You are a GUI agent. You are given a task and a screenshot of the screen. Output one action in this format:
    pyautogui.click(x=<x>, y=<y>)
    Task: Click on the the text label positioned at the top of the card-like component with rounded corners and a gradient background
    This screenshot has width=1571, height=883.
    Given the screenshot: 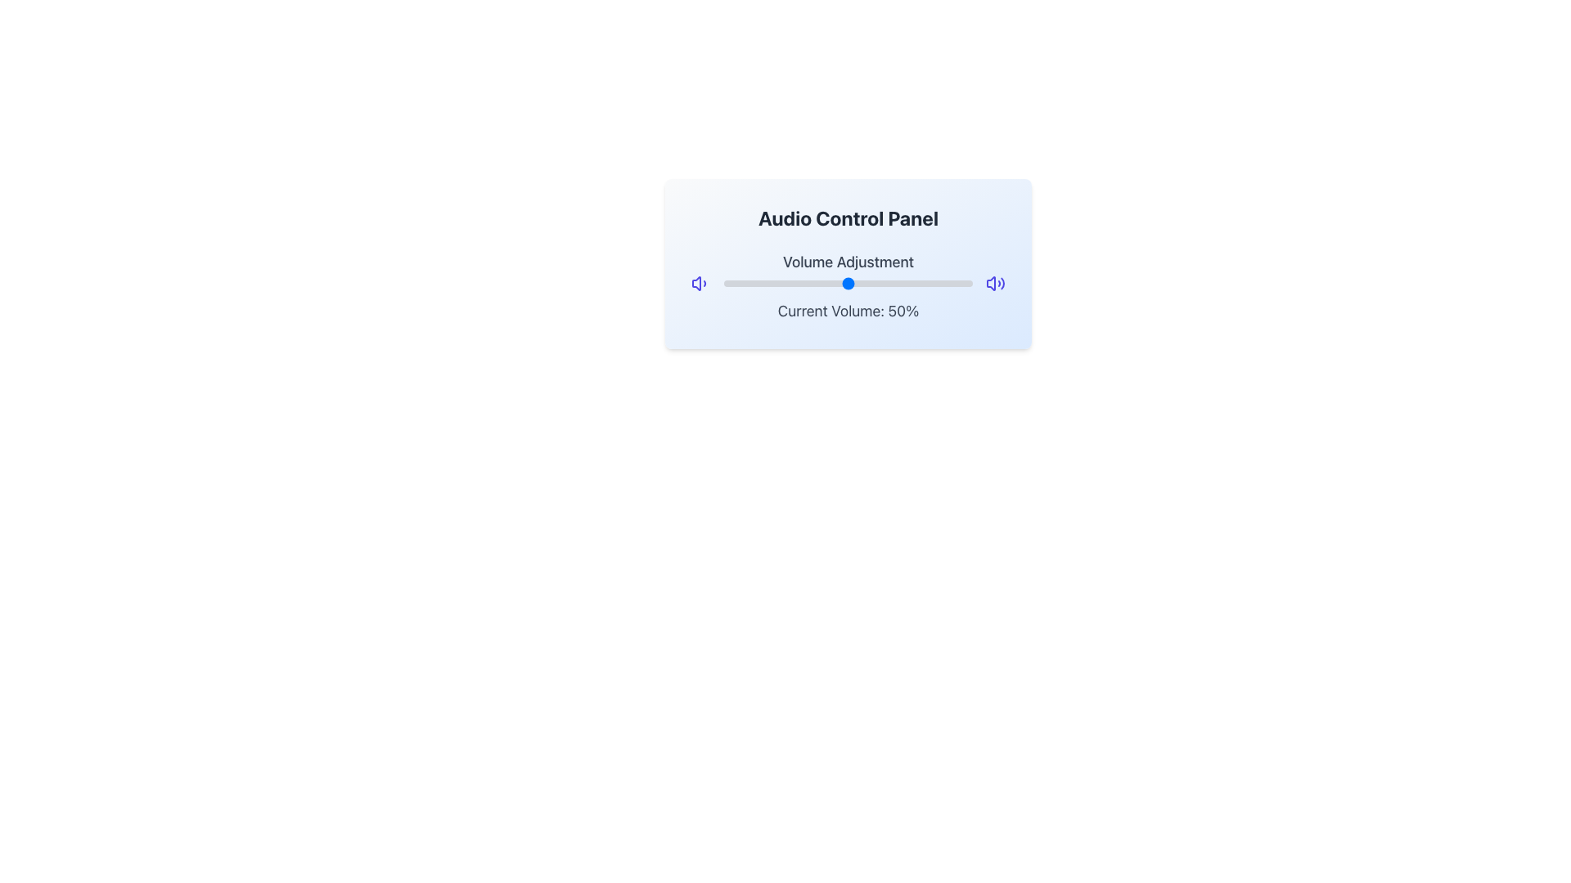 What is the action you would take?
    pyautogui.click(x=848, y=217)
    